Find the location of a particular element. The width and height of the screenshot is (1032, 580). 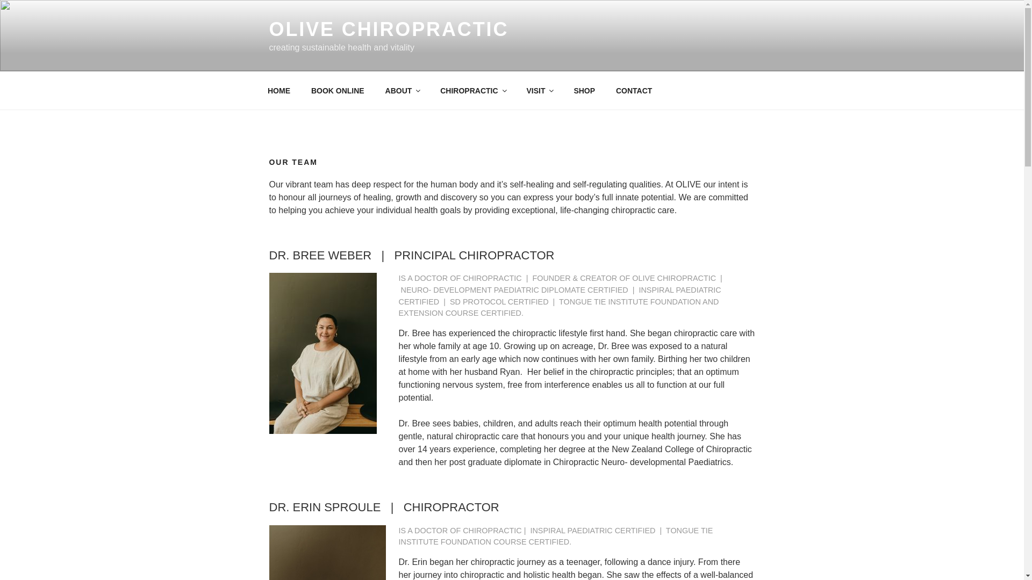

'OLIVE CHIROPRACTIC' is located at coordinates (388, 28).